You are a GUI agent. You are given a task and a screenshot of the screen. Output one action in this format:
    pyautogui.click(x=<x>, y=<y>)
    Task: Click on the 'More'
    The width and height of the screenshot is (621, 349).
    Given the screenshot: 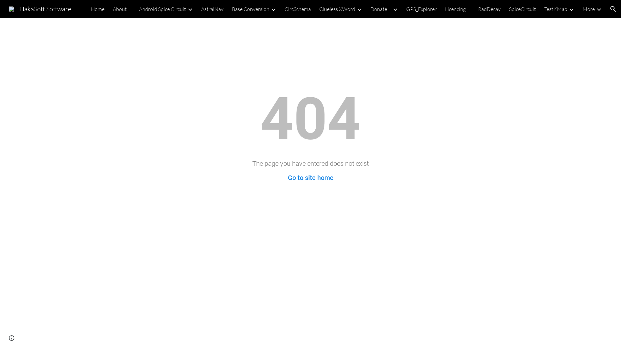 What is the action you would take?
    pyautogui.click(x=588, y=9)
    